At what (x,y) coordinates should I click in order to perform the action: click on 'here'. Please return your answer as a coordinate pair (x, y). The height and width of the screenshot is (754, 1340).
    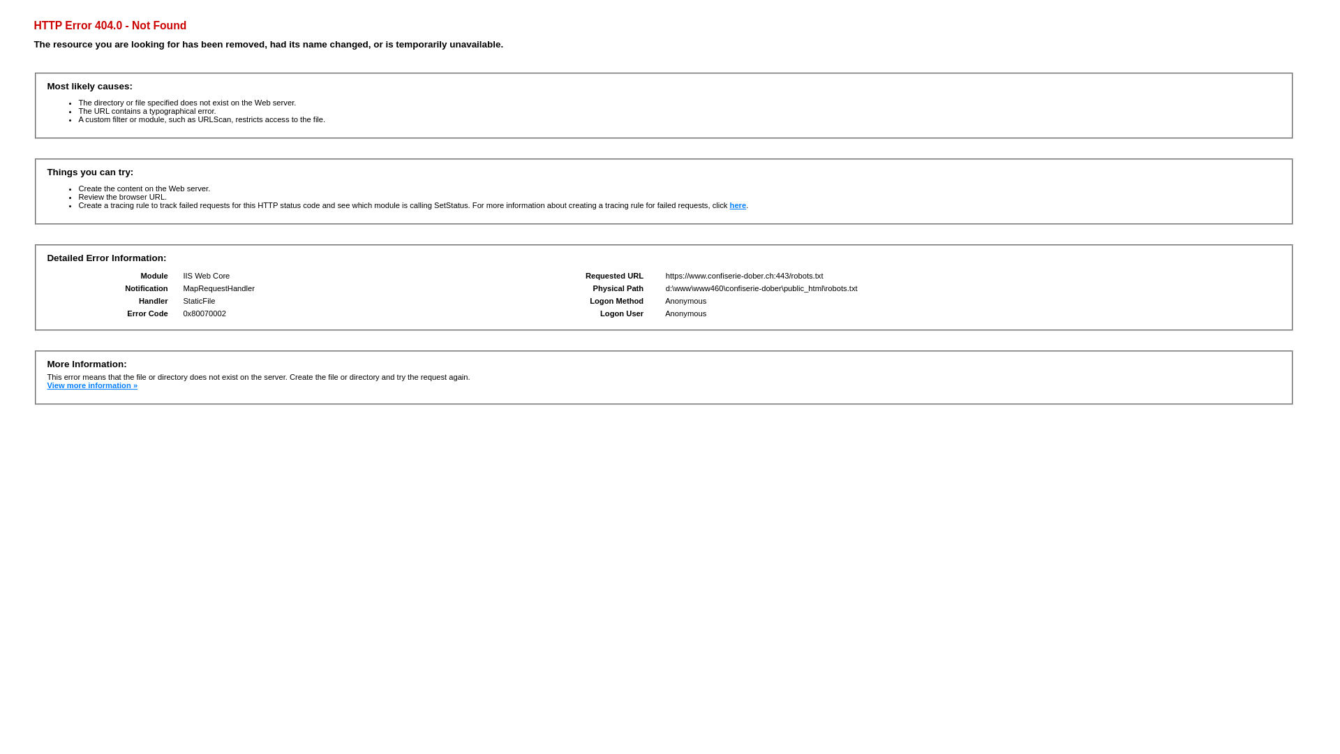
    Looking at the image, I should click on (737, 205).